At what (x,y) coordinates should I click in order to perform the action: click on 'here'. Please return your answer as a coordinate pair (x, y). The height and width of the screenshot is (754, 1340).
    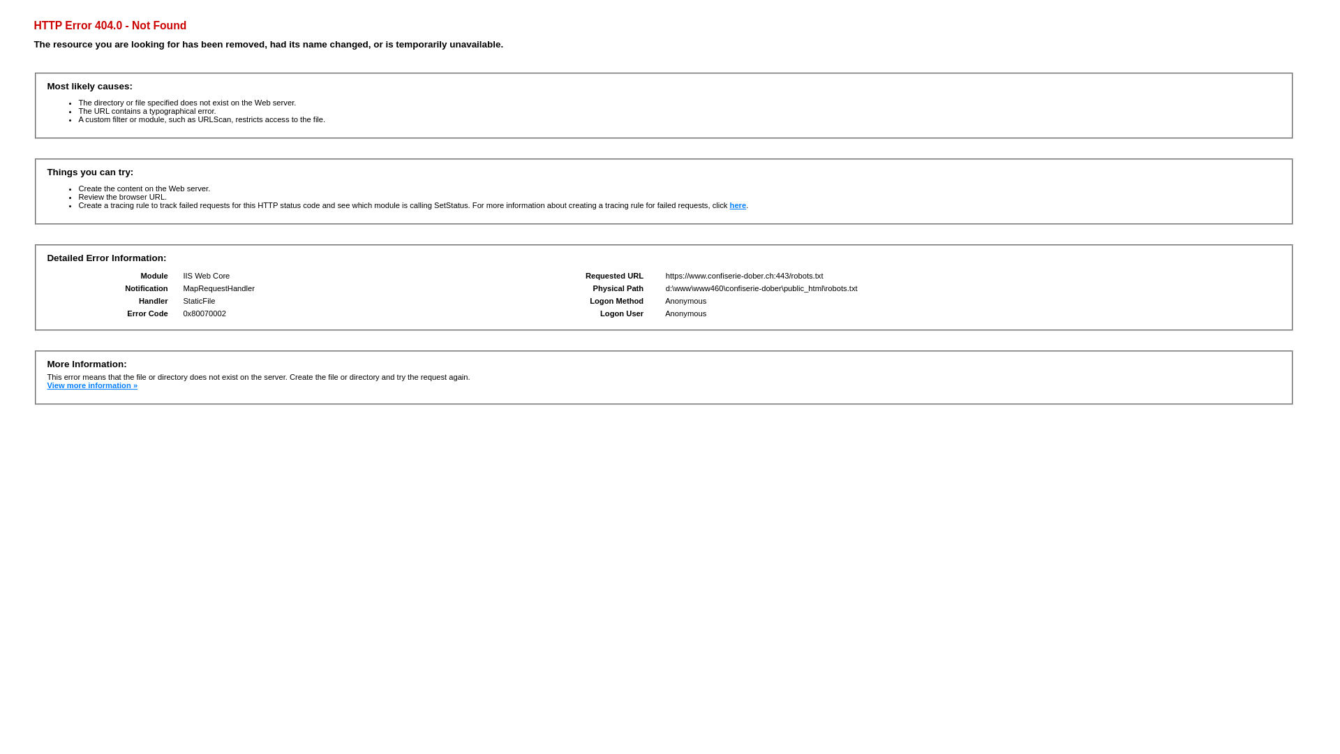
    Looking at the image, I should click on (737, 205).